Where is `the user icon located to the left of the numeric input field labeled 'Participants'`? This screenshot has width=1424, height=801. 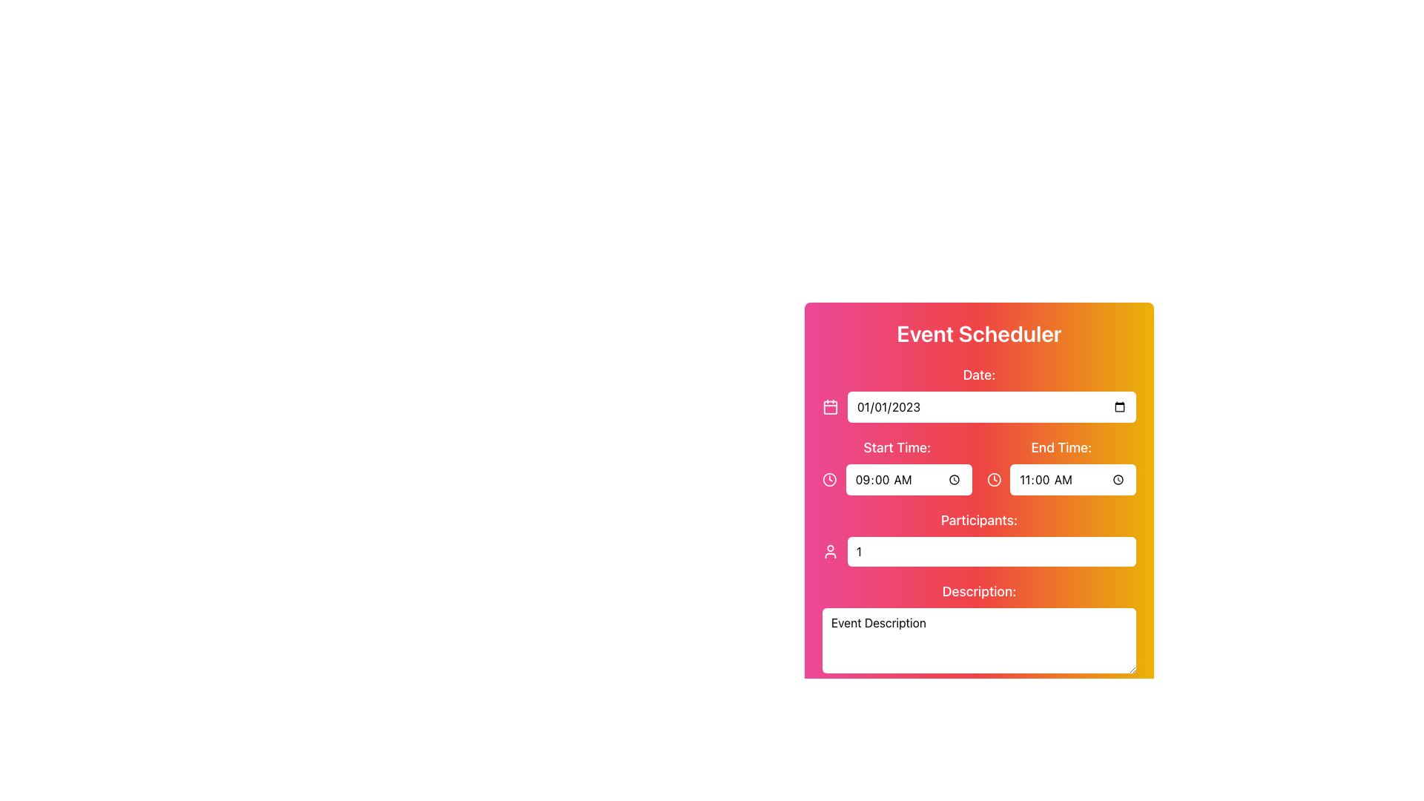 the user icon located to the left of the numeric input field labeled 'Participants' is located at coordinates (829, 552).